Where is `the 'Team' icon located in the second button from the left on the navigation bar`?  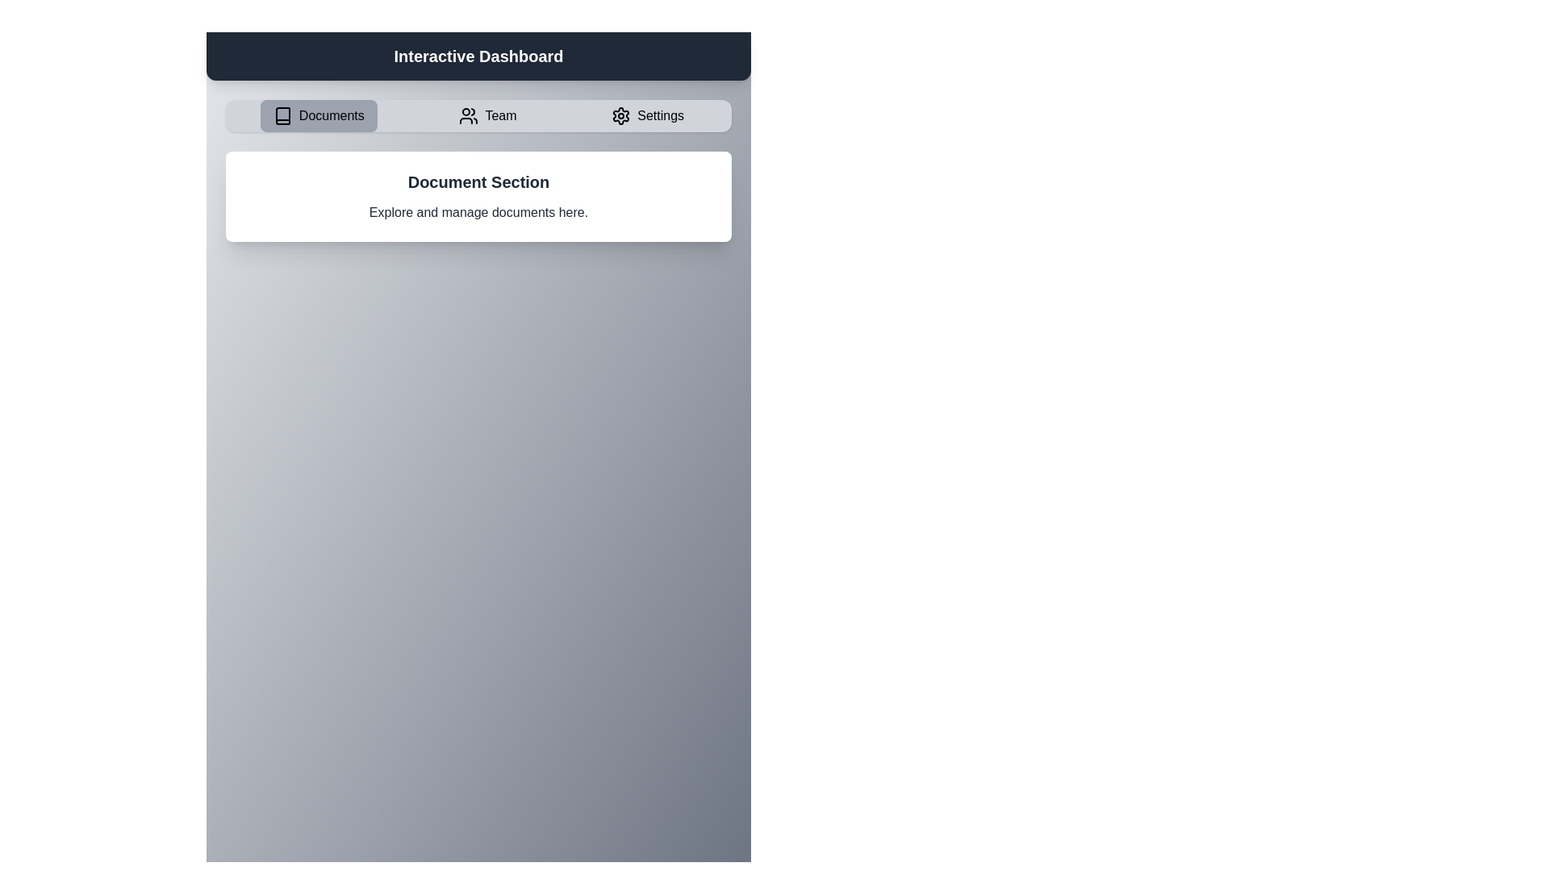 the 'Team' icon located in the second button from the left on the navigation bar is located at coordinates (468, 115).